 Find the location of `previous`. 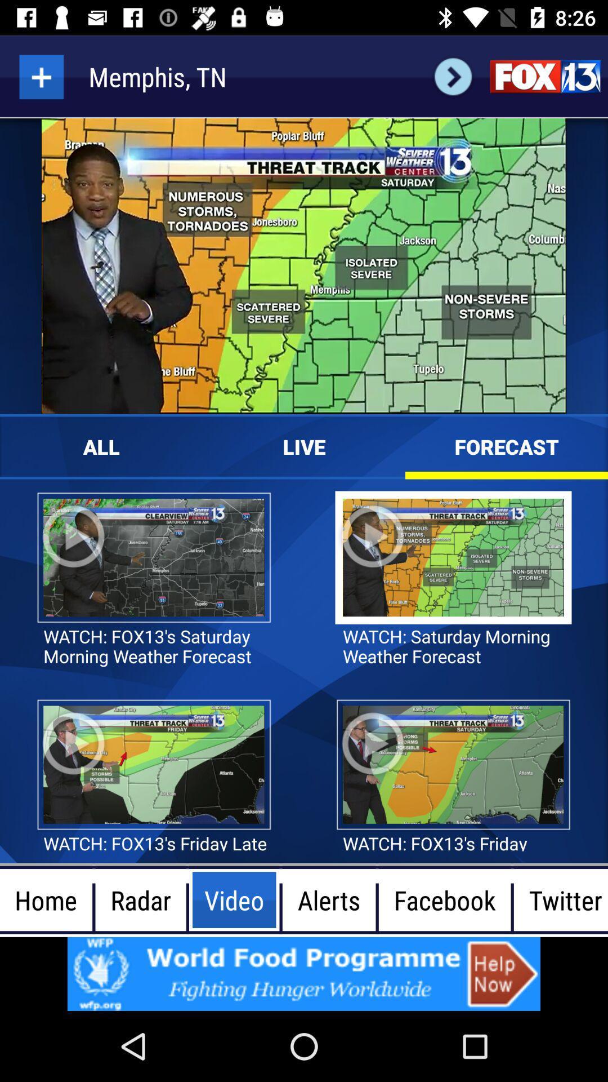

previous is located at coordinates (453, 76).